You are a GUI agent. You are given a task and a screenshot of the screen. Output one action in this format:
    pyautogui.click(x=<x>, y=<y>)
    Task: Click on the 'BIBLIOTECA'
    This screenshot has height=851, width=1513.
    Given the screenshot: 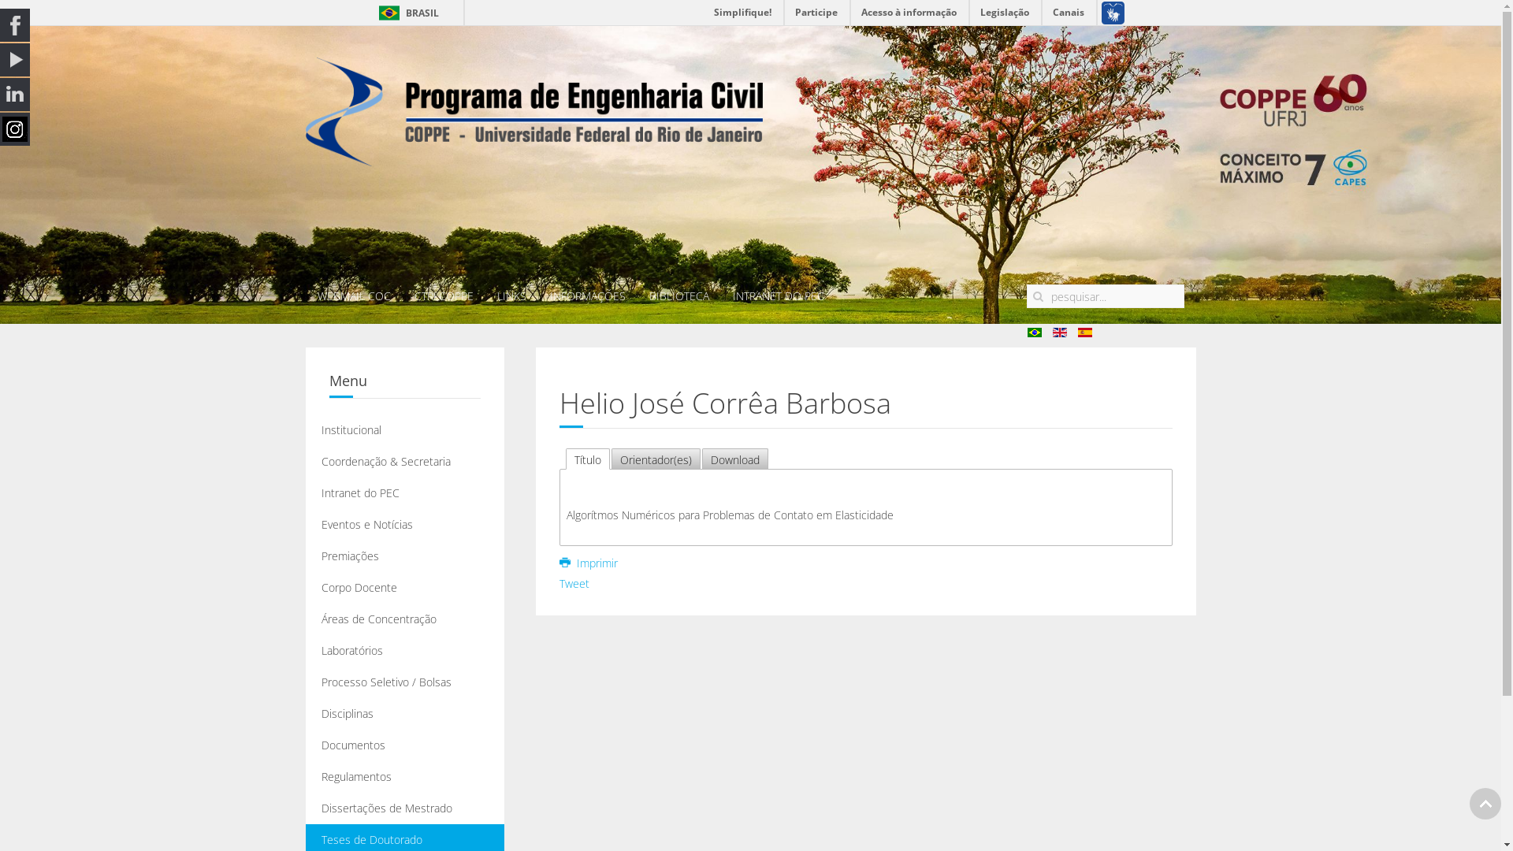 What is the action you would take?
    pyautogui.click(x=636, y=295)
    